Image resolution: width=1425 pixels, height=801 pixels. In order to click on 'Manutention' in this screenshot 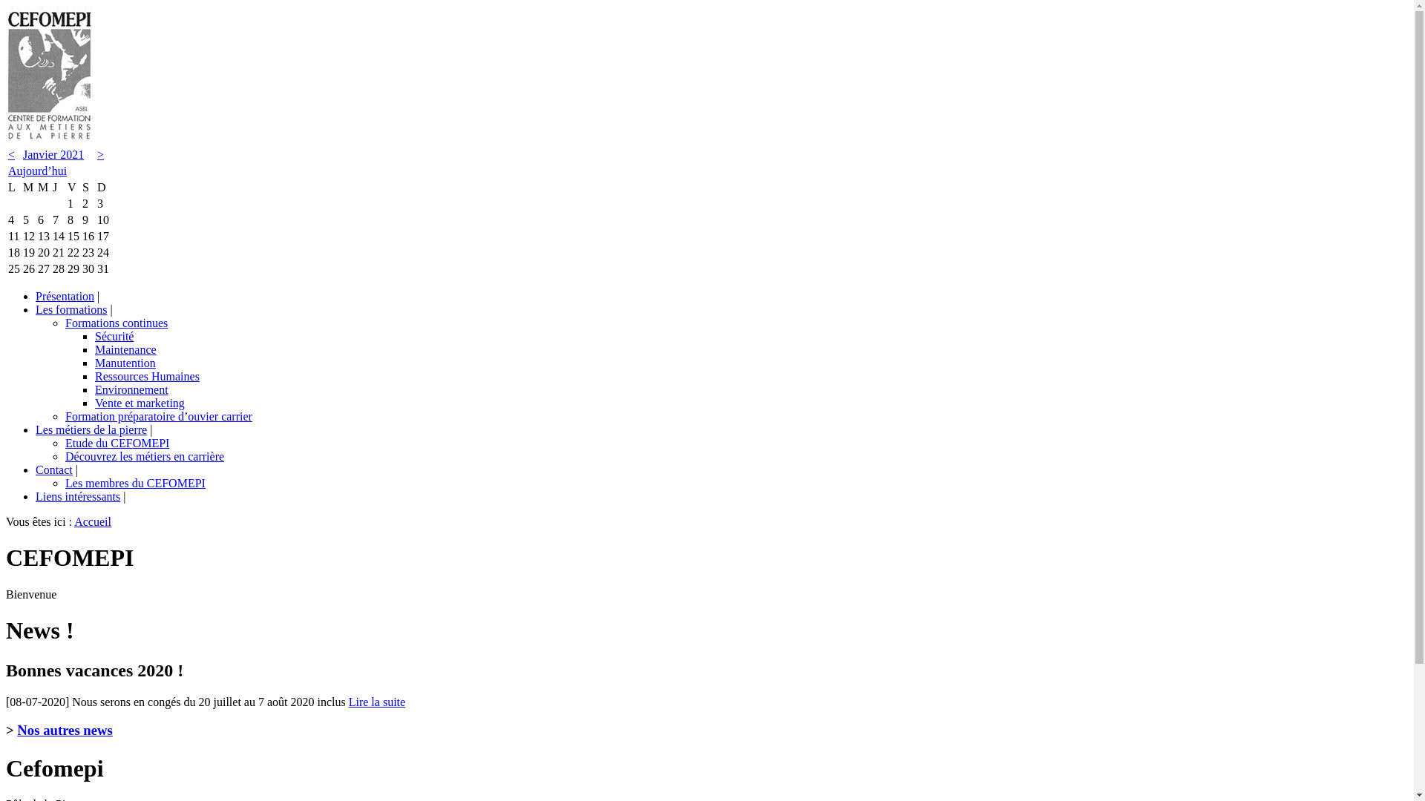, I will do `click(94, 363)`.